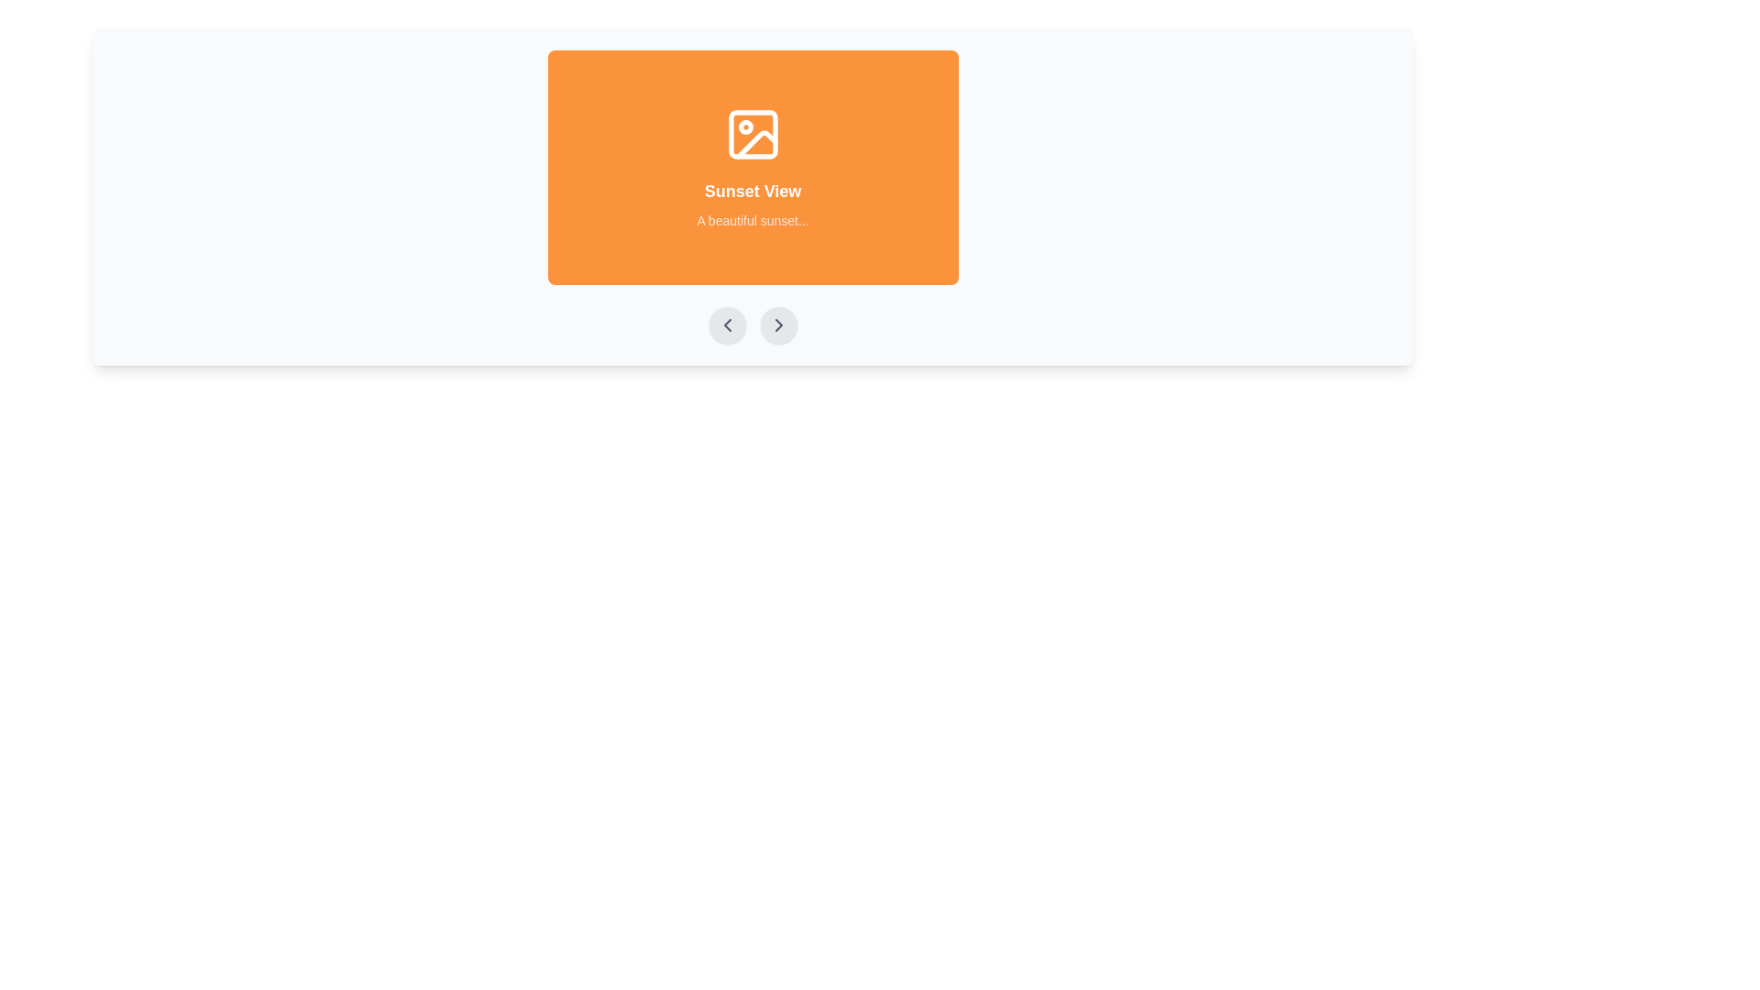 Image resolution: width=1760 pixels, height=990 pixels. What do you see at coordinates (778, 324) in the screenshot?
I see `the right-facing chevron arrow icon, styled with thin lines and part of the 'lucide-chevron-right' SVG component` at bounding box center [778, 324].